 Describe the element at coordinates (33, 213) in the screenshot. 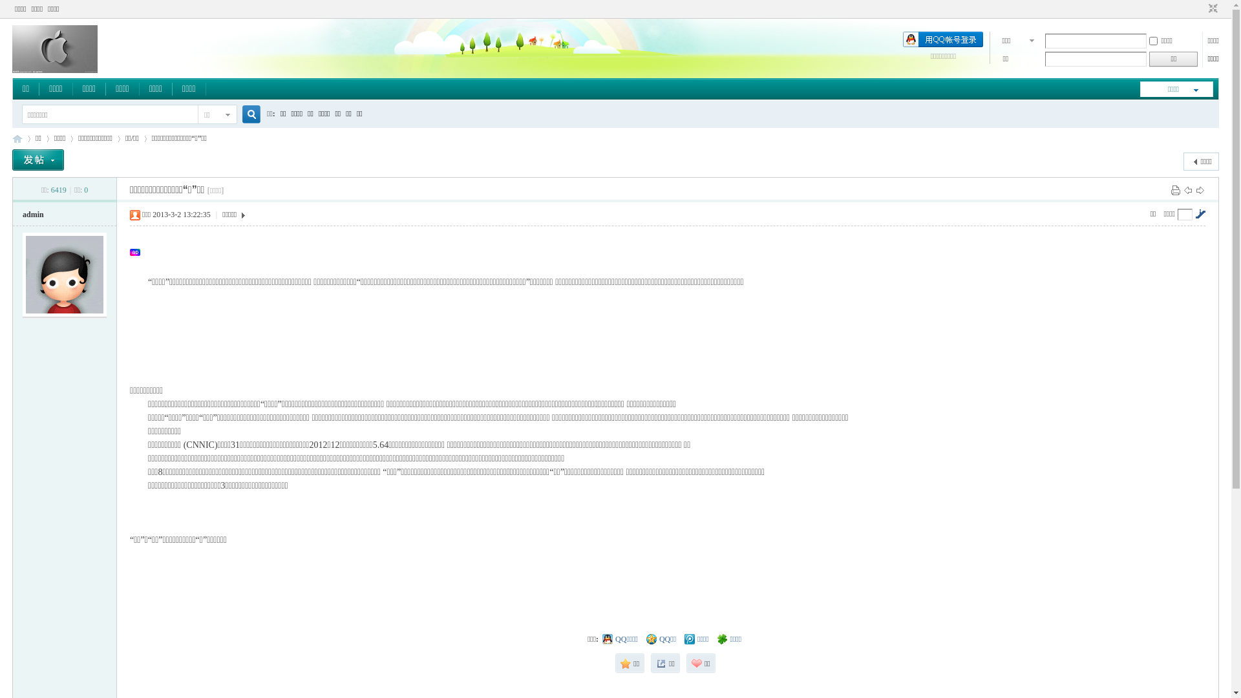

I see `'admin'` at that location.